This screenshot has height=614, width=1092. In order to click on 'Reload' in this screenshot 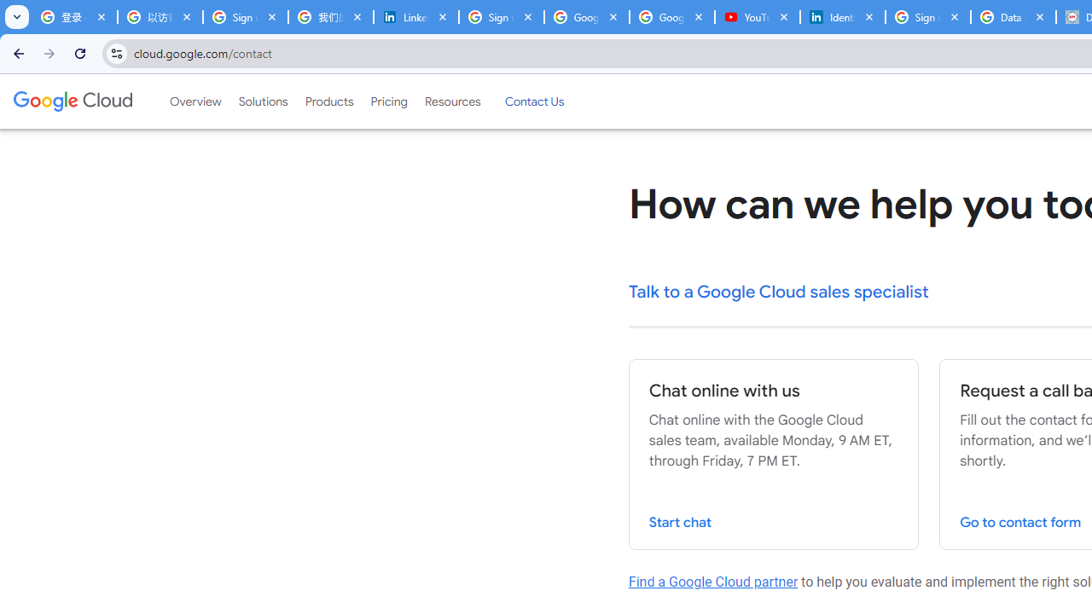, I will do `click(79, 52)`.